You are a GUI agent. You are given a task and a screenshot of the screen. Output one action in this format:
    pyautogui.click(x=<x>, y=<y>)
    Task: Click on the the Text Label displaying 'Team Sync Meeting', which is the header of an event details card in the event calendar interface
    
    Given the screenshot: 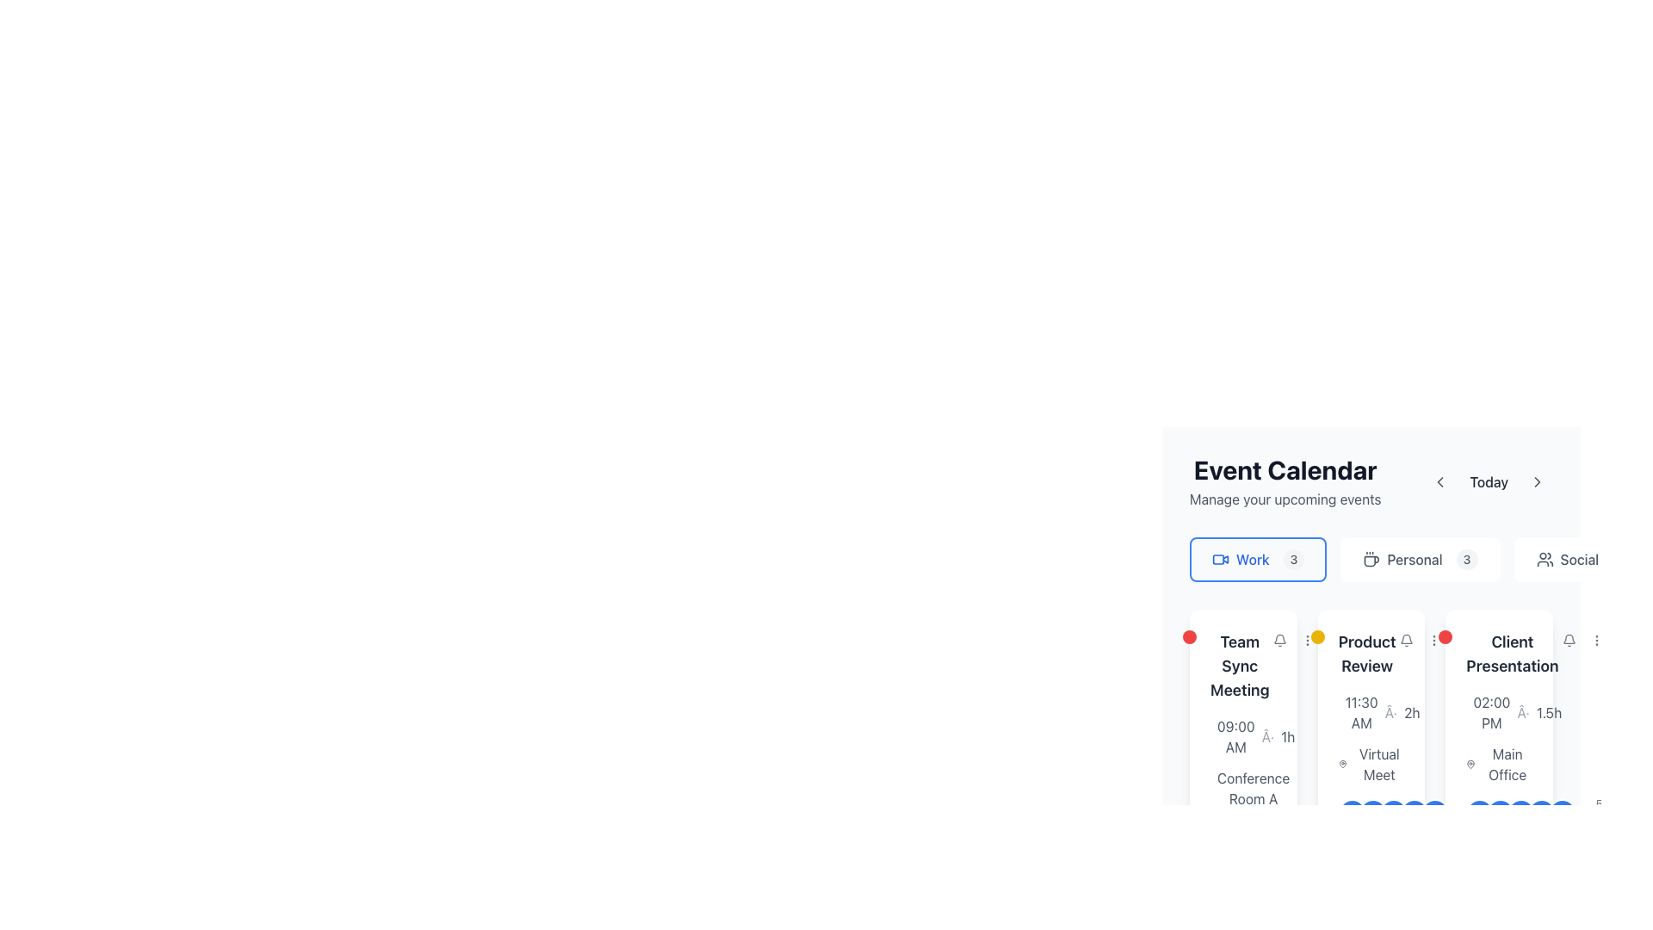 What is the action you would take?
    pyautogui.click(x=1243, y=666)
    